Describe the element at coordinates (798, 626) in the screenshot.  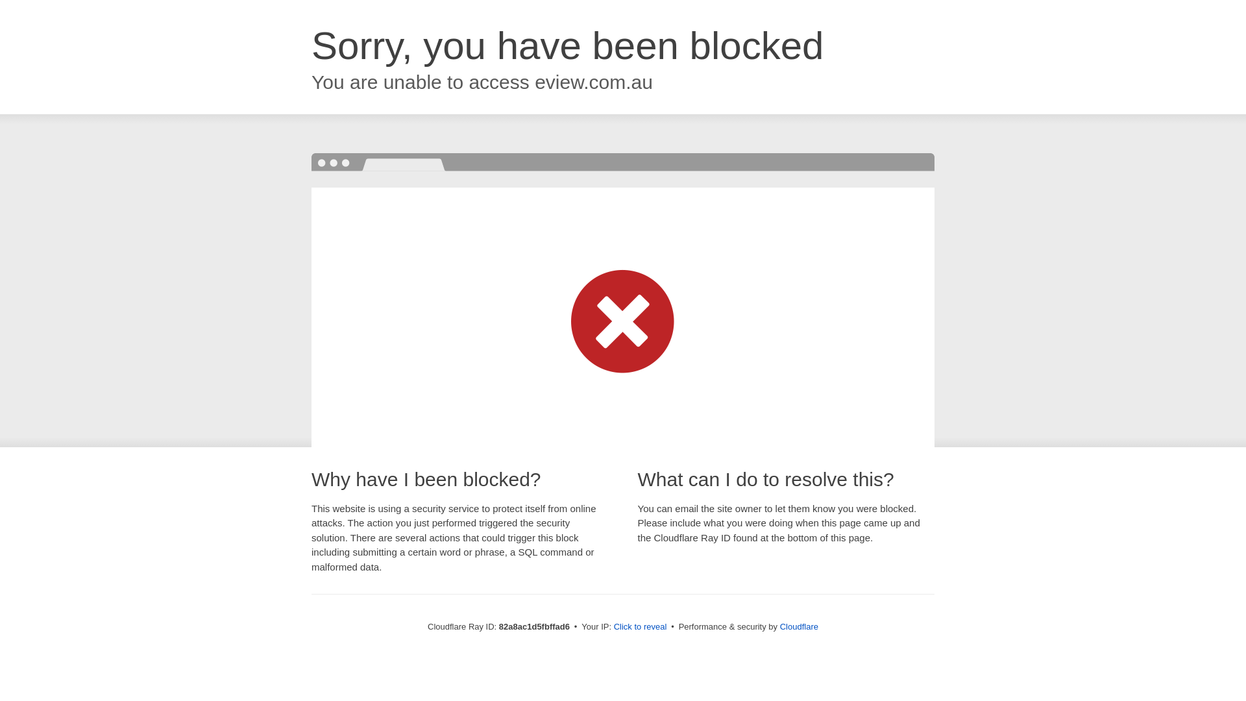
I see `'Cloudflare'` at that location.